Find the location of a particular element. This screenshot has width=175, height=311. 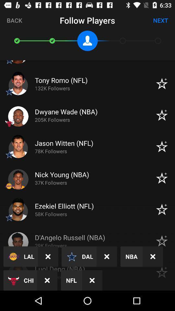

the image icon in front of text dangelo russell is located at coordinates (18, 242).